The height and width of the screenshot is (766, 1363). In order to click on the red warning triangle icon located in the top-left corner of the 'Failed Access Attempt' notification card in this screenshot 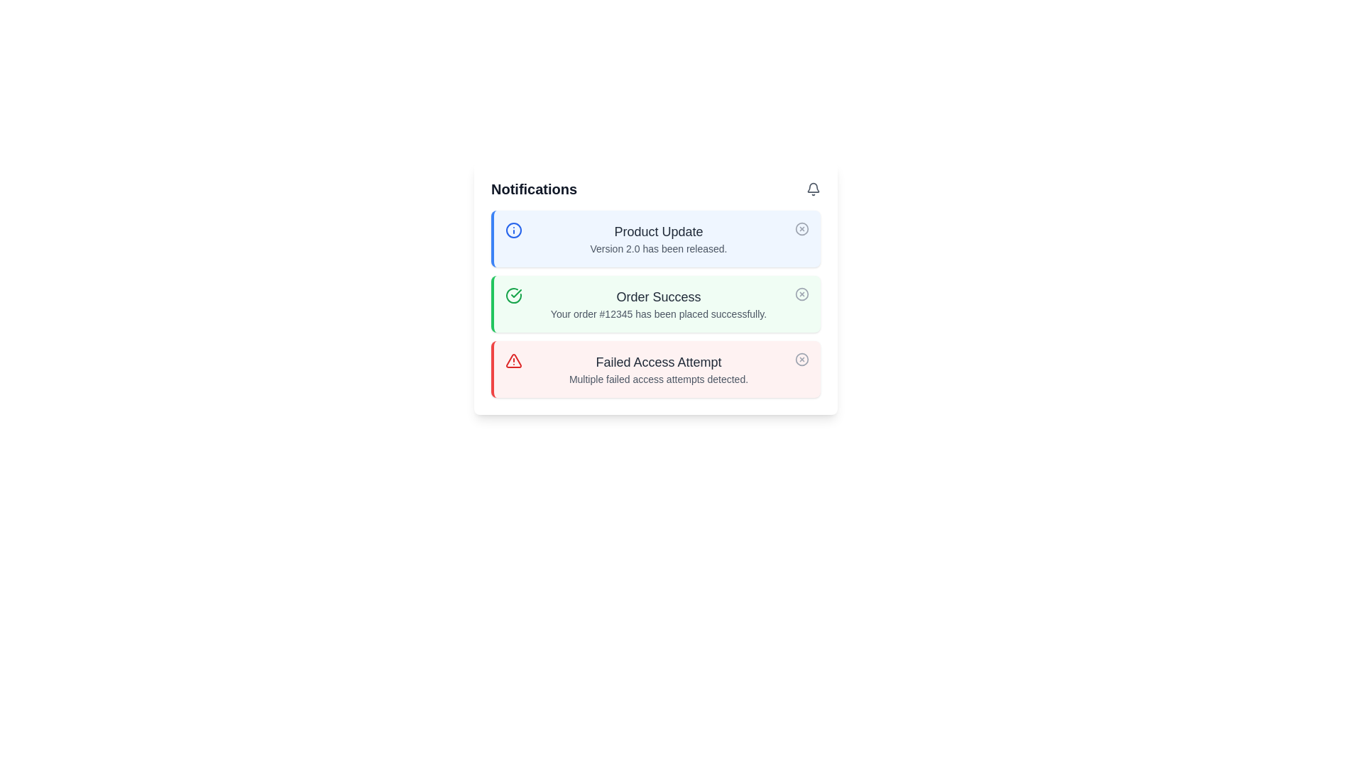, I will do `click(513, 360)`.